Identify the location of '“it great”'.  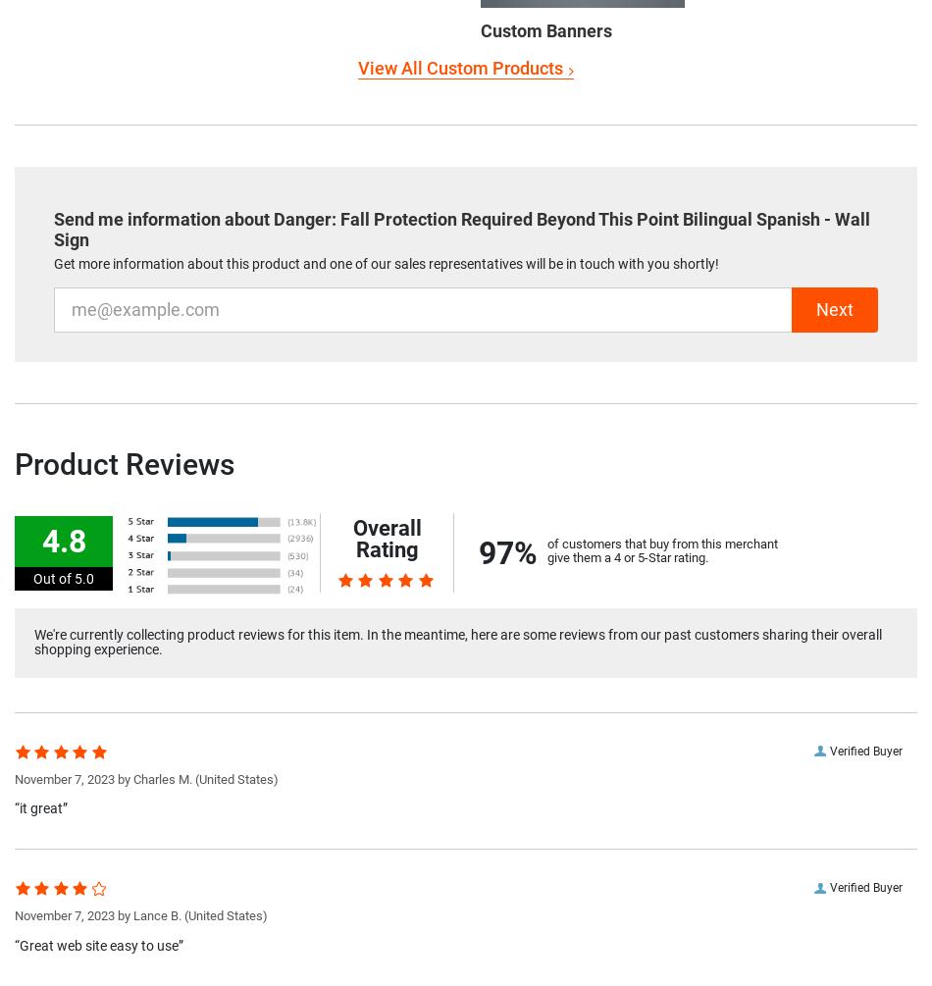
(40, 807).